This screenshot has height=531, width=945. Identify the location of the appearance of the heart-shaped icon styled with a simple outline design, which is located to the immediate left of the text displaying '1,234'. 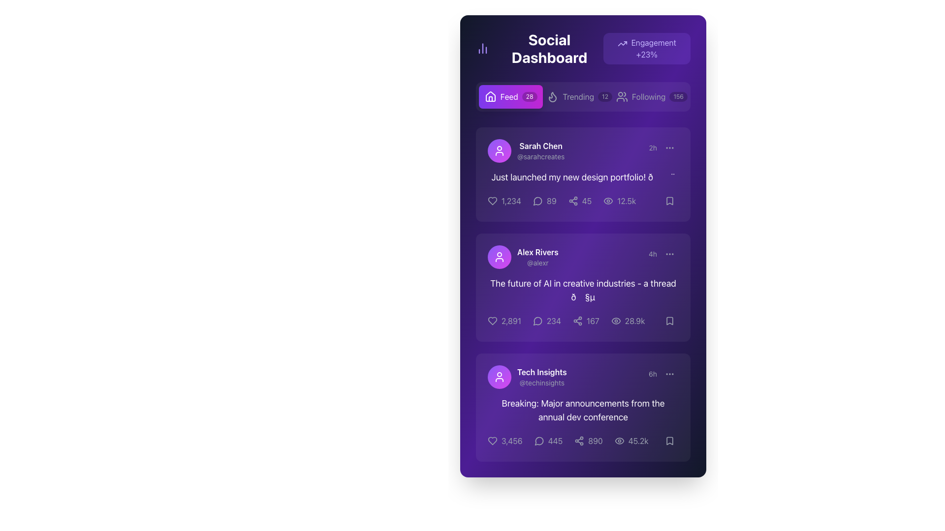
(493, 200).